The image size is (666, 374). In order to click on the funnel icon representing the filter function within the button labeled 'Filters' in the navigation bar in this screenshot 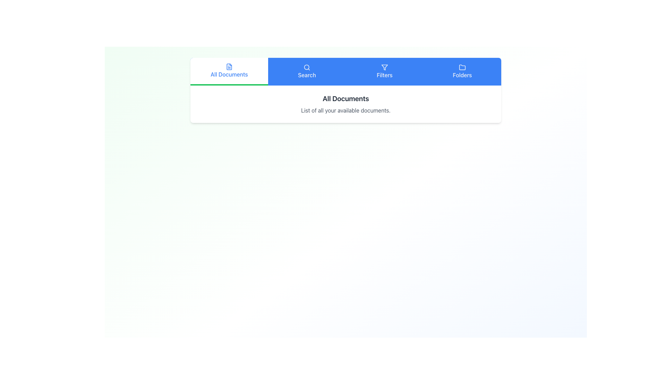, I will do `click(384, 68)`.